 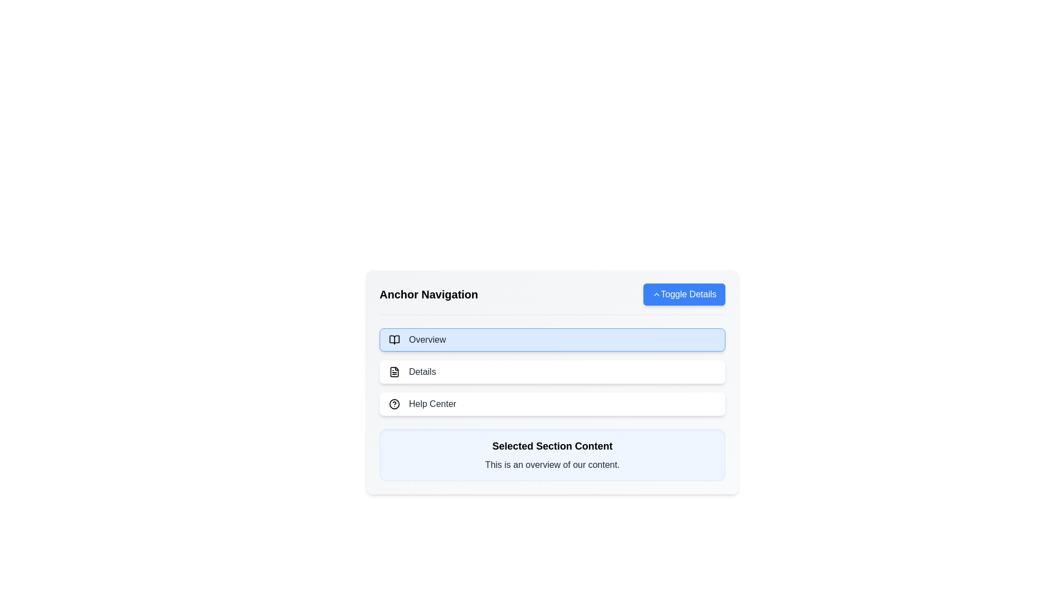 I want to click on the toggle button located in the top-right corner of the 'Anchor Navigation' section, so click(x=683, y=294).